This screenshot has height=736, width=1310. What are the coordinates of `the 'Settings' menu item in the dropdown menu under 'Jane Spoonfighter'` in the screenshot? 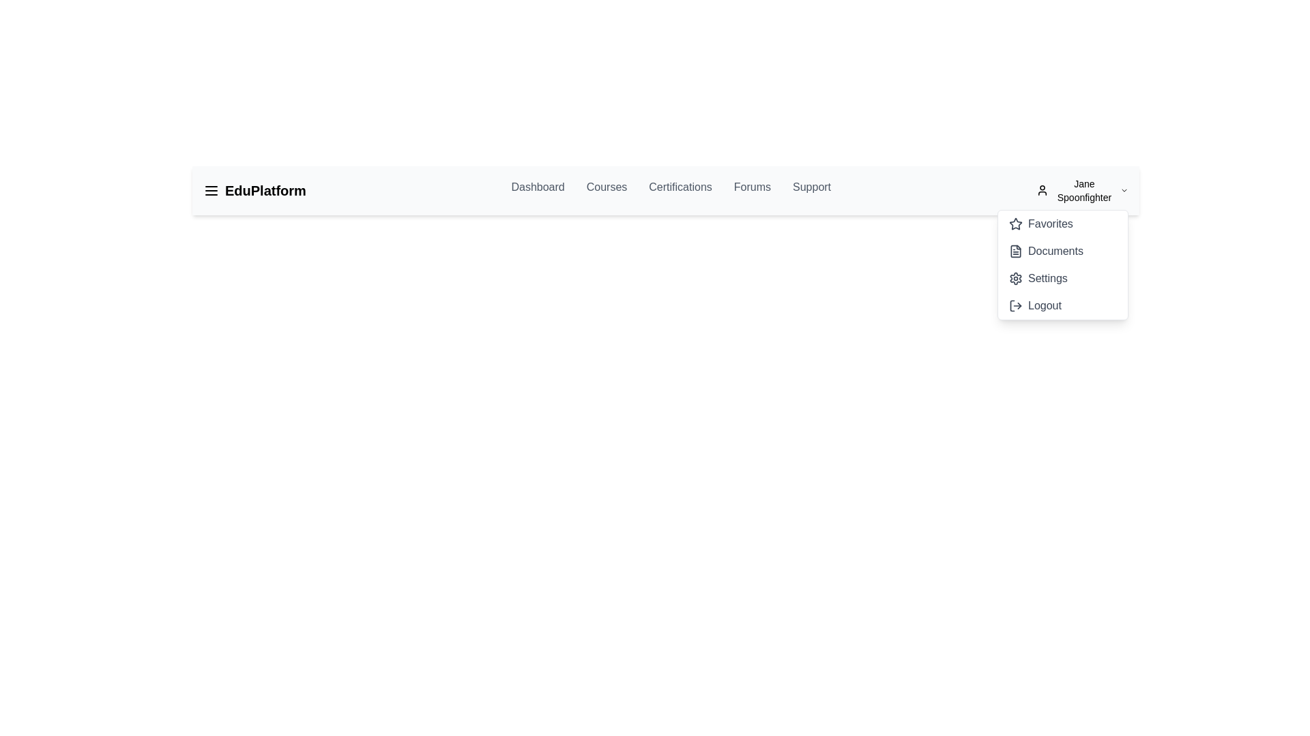 It's located at (1037, 277).